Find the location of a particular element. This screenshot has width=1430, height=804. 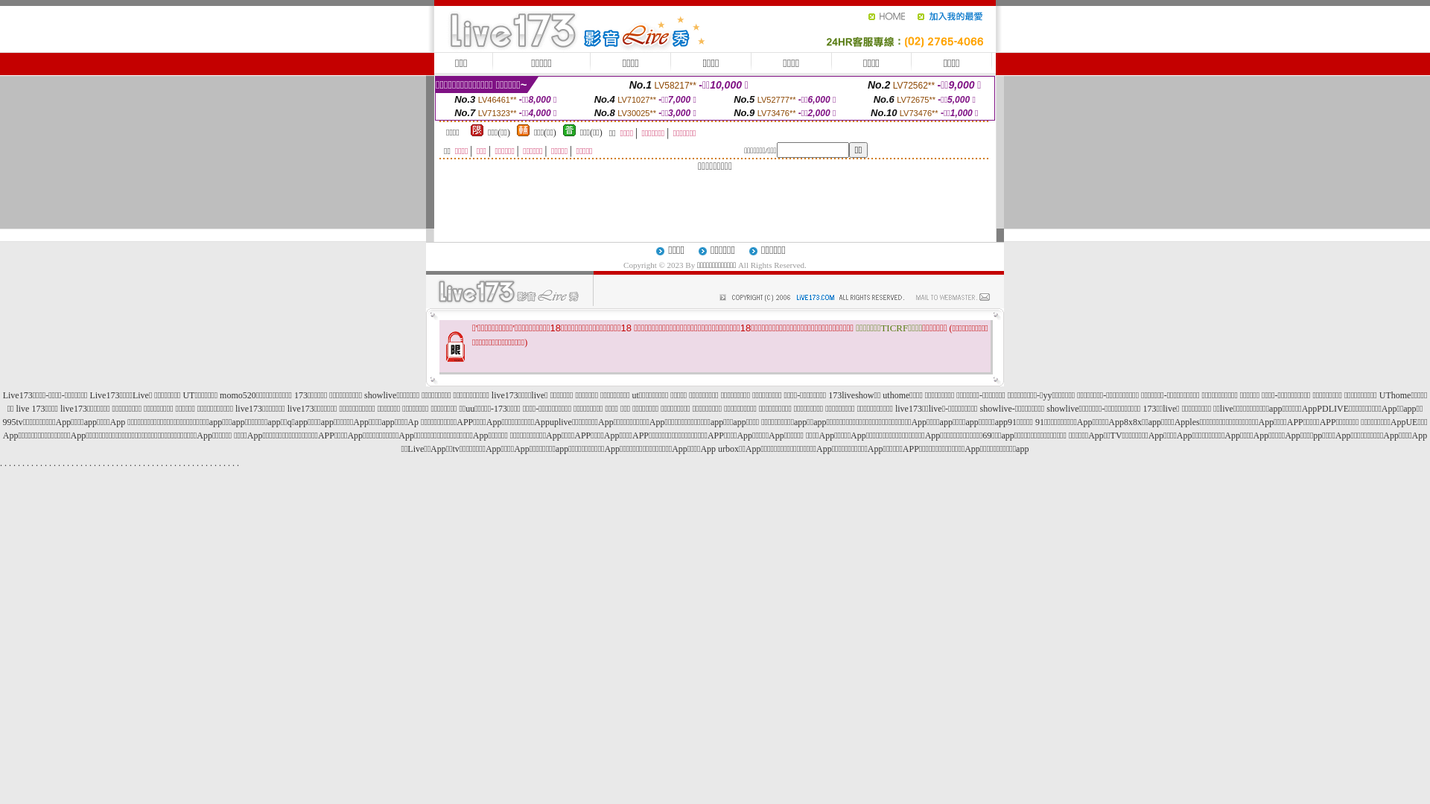

'.' is located at coordinates (1, 462).